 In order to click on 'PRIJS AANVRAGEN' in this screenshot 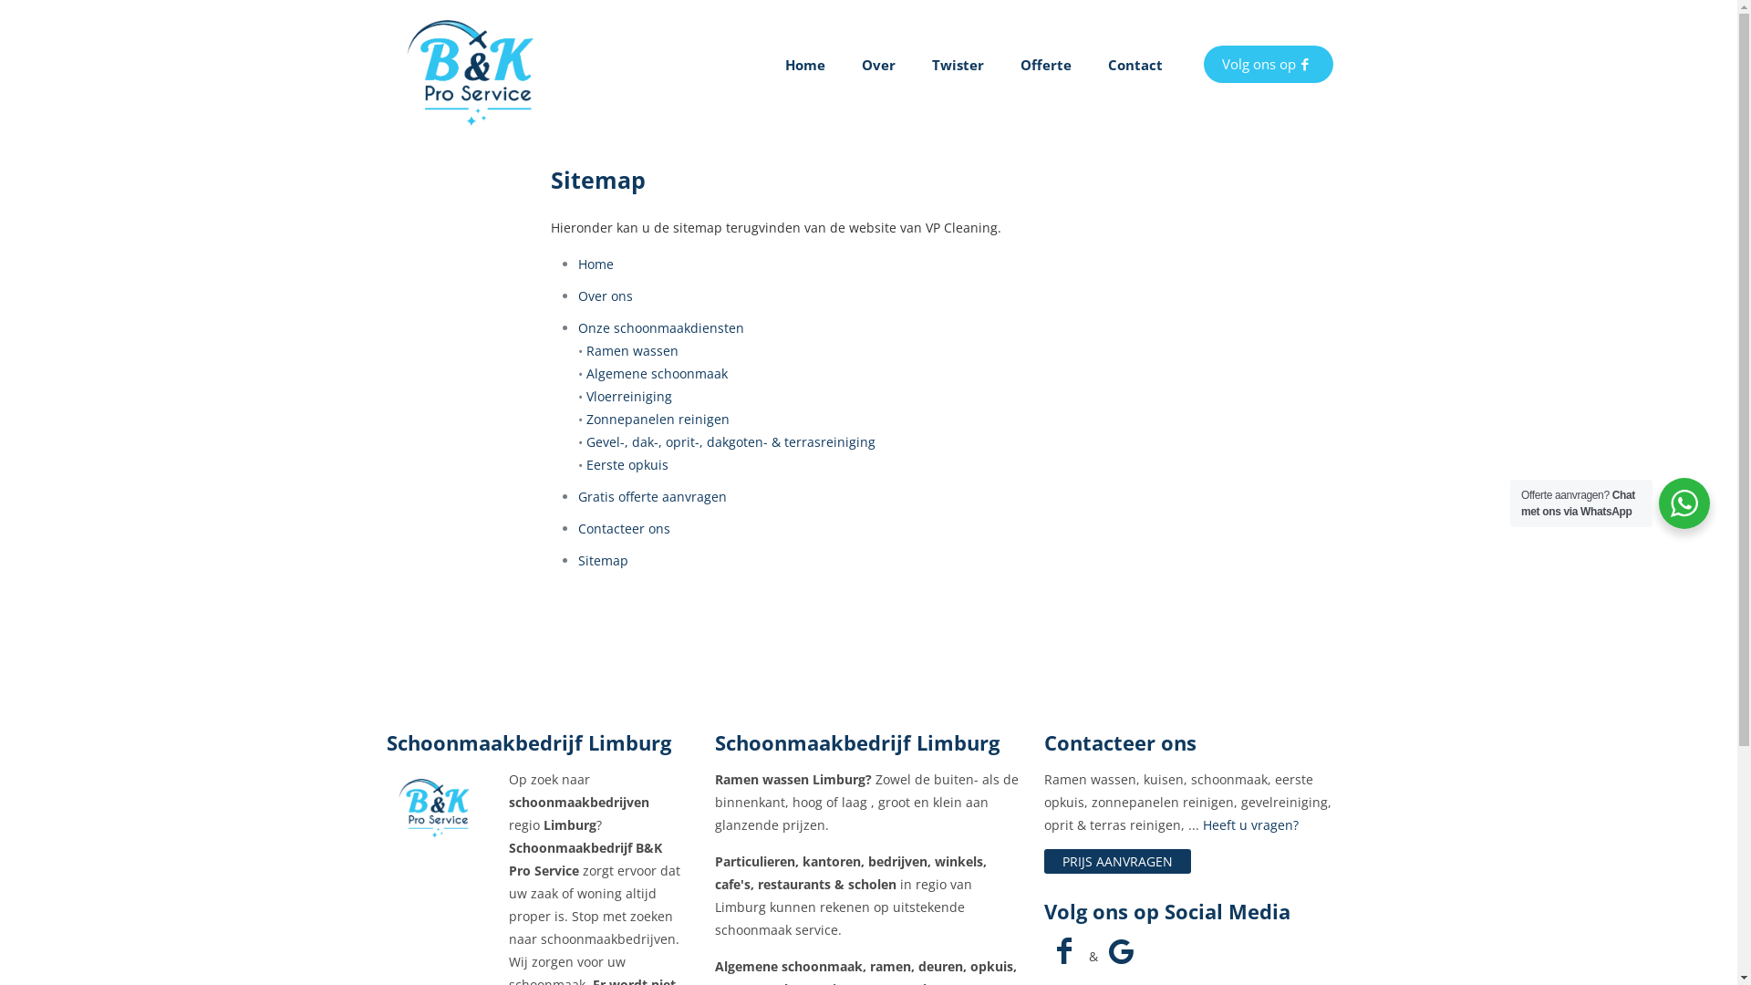, I will do `click(1116, 861)`.